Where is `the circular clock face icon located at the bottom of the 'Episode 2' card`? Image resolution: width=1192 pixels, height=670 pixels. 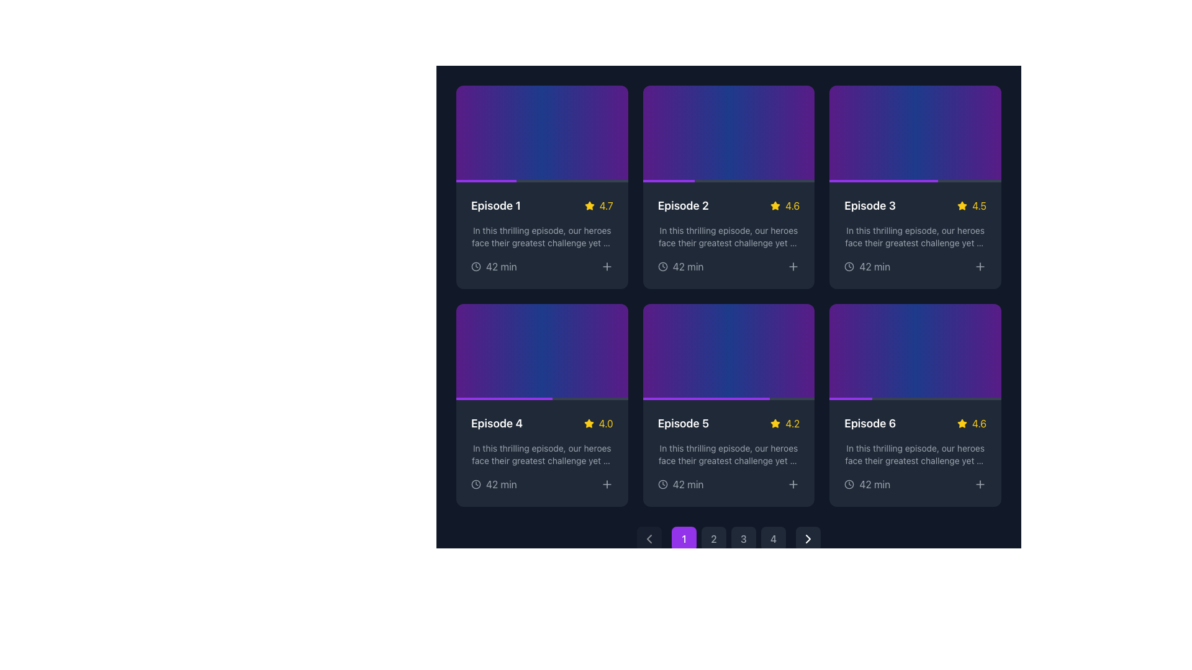
the circular clock face icon located at the bottom of the 'Episode 2' card is located at coordinates (662, 266).